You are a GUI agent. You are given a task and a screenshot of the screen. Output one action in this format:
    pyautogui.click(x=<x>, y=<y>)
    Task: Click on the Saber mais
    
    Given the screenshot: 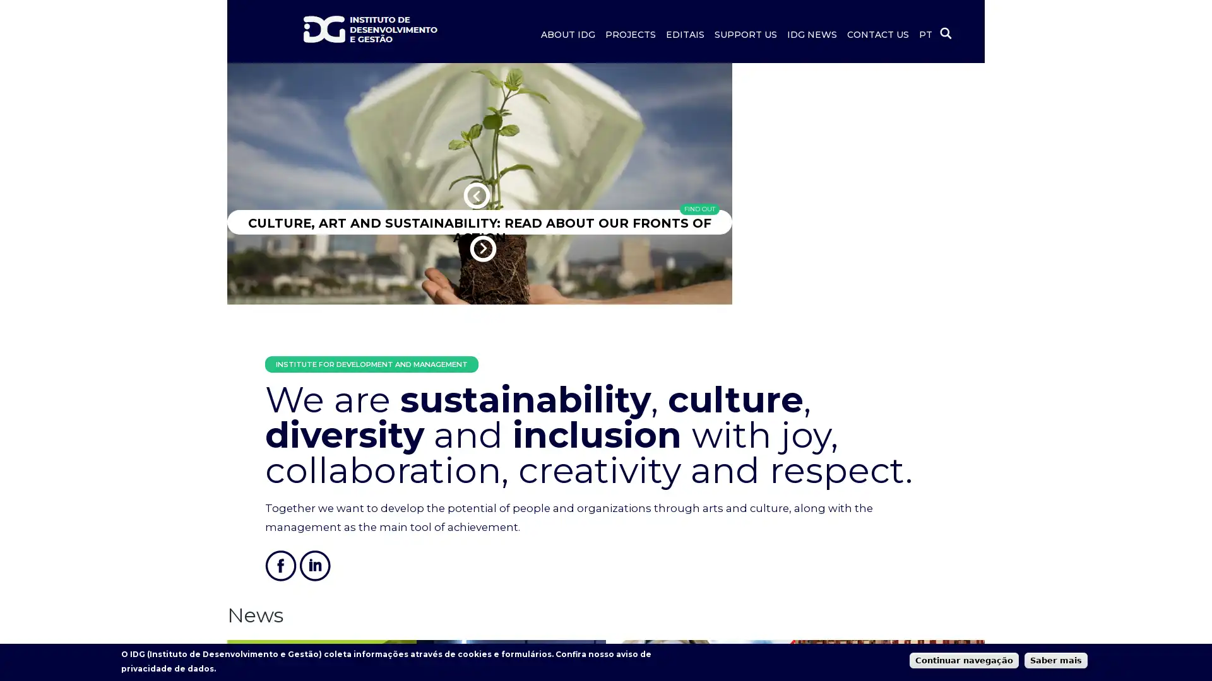 What is the action you would take?
    pyautogui.click(x=1056, y=659)
    